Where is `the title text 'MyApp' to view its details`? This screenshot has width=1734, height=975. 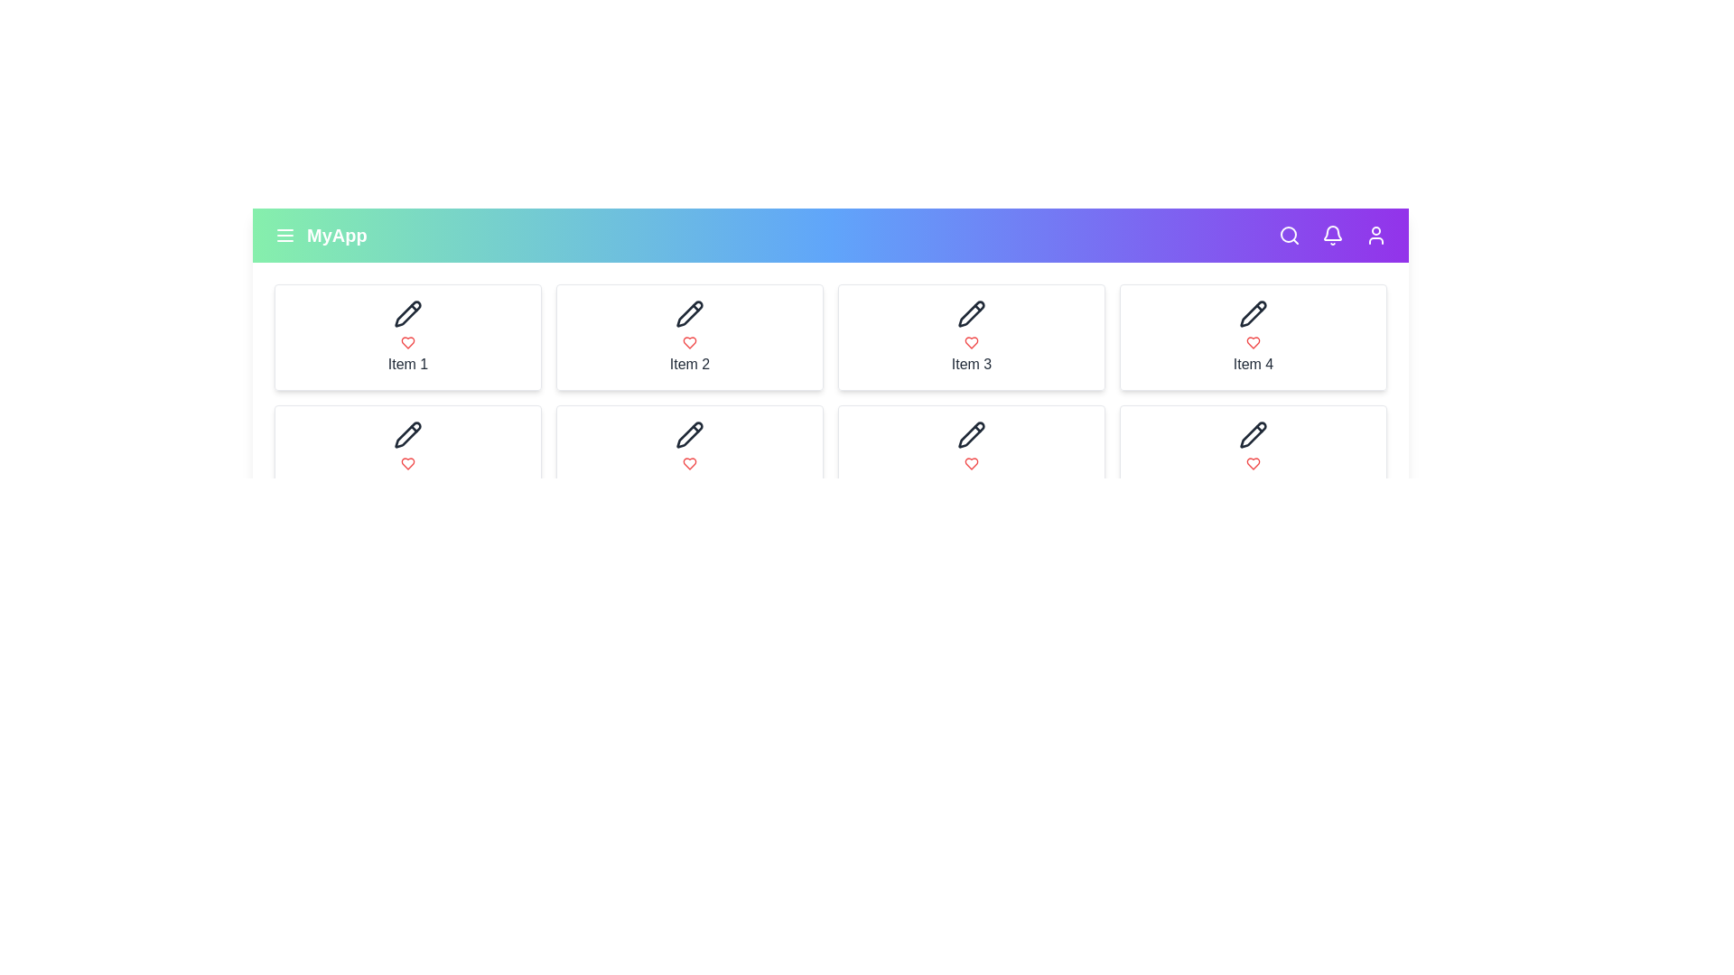 the title text 'MyApp' to view its details is located at coordinates (337, 235).